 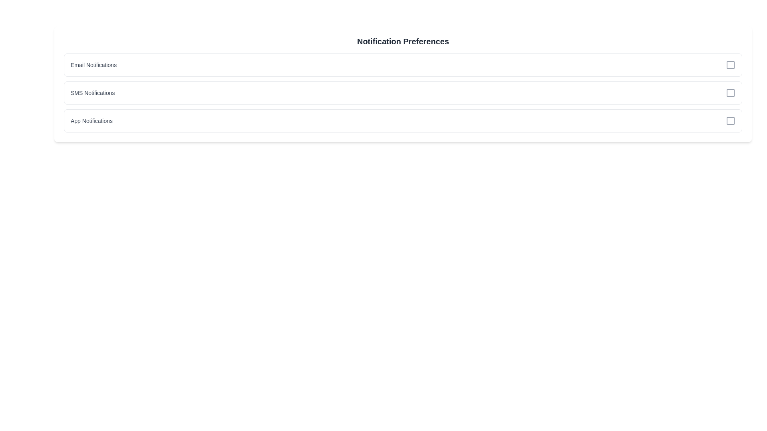 I want to click on the checkbox for 'App Notifications' located on the far right side of its row, so click(x=730, y=121).